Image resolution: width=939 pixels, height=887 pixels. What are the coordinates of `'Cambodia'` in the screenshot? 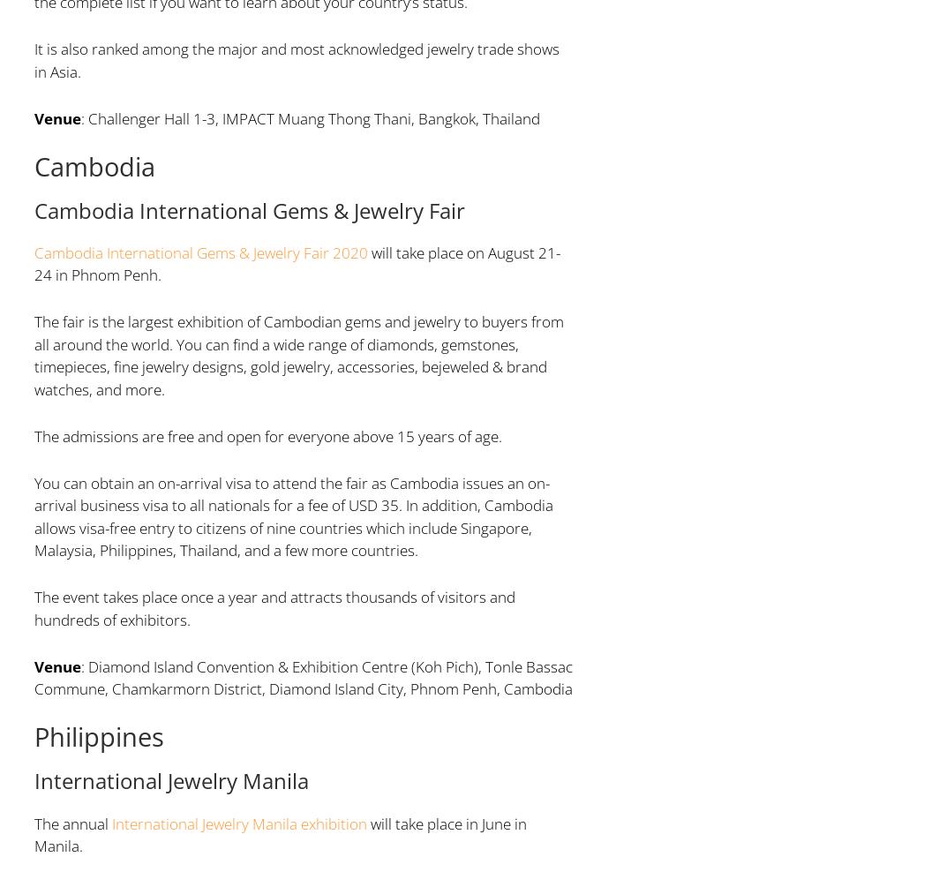 It's located at (33, 164).